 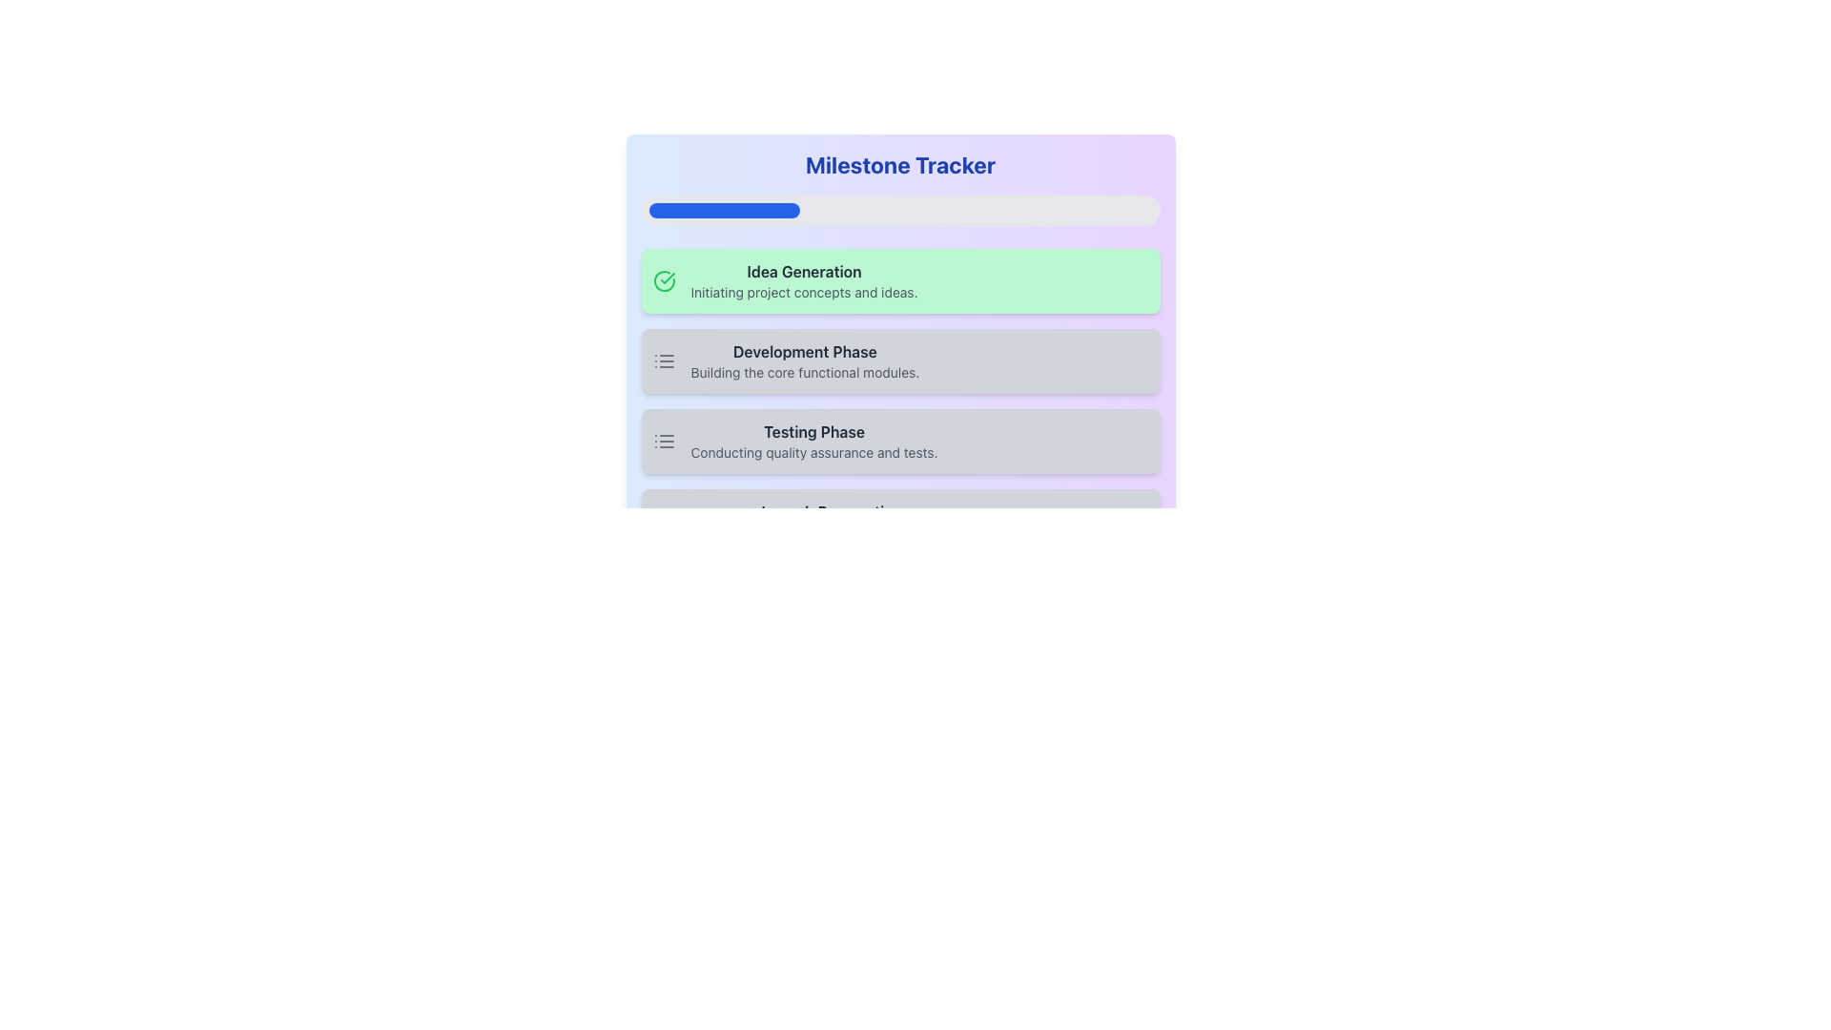 What do you see at coordinates (805, 352) in the screenshot?
I see `the Text Label that serves as a heading for the 'Development Phase' section, positioned centrally between 'Idea Generation' and 'Testing Phase'` at bounding box center [805, 352].